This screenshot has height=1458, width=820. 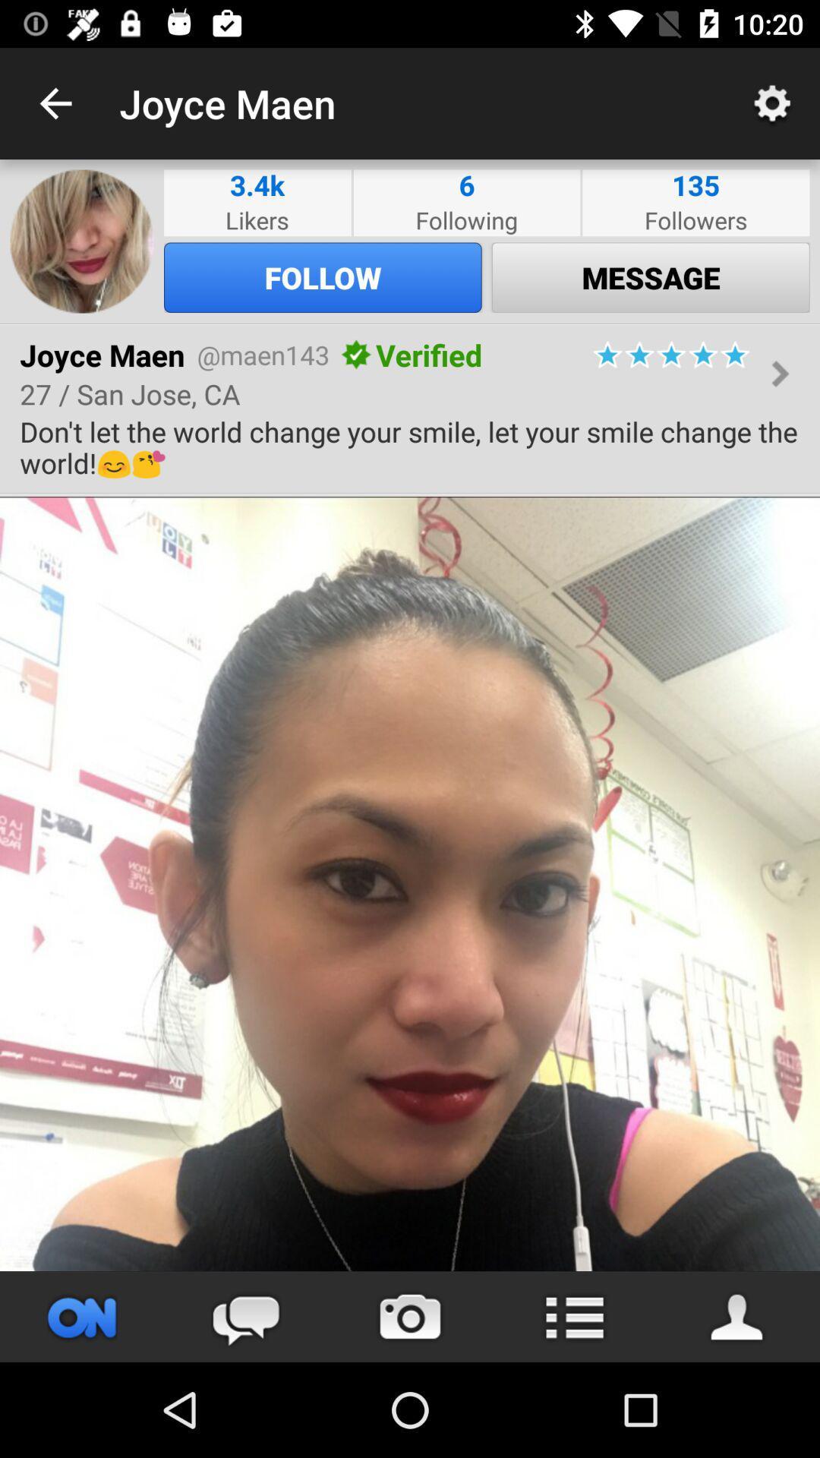 I want to click on the avatar icon, so click(x=737, y=1316).